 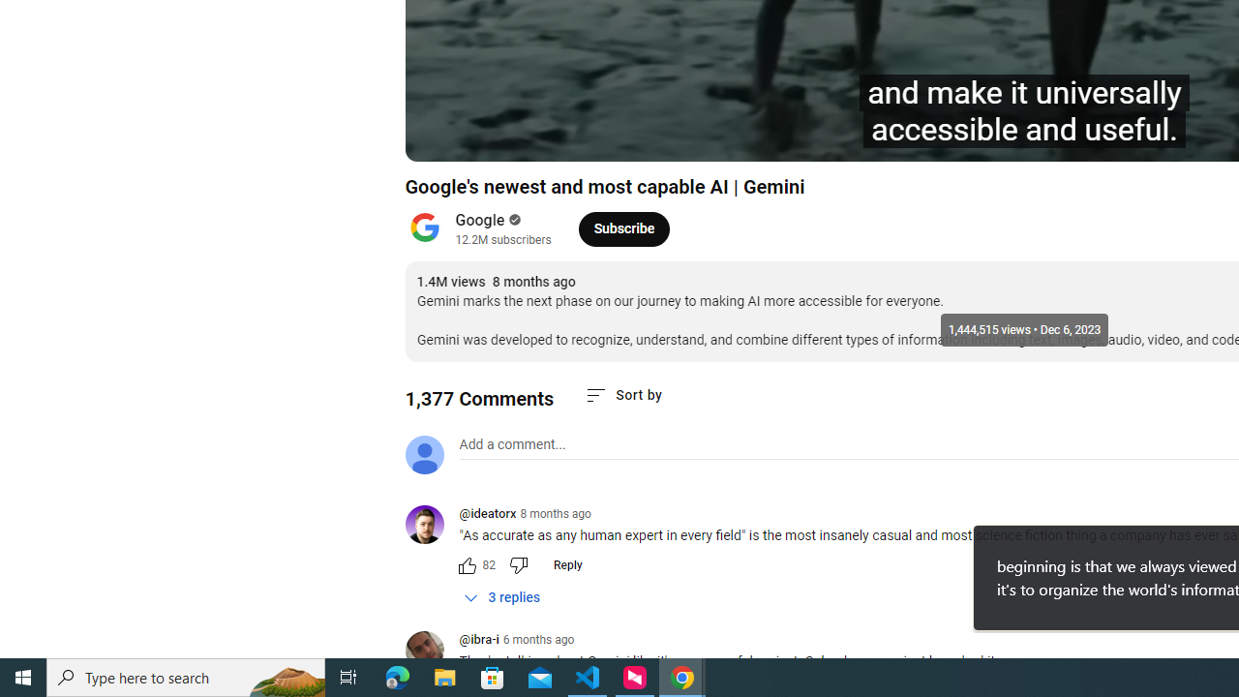 What do you see at coordinates (623, 227) in the screenshot?
I see `'Subscribe to Google.'` at bounding box center [623, 227].